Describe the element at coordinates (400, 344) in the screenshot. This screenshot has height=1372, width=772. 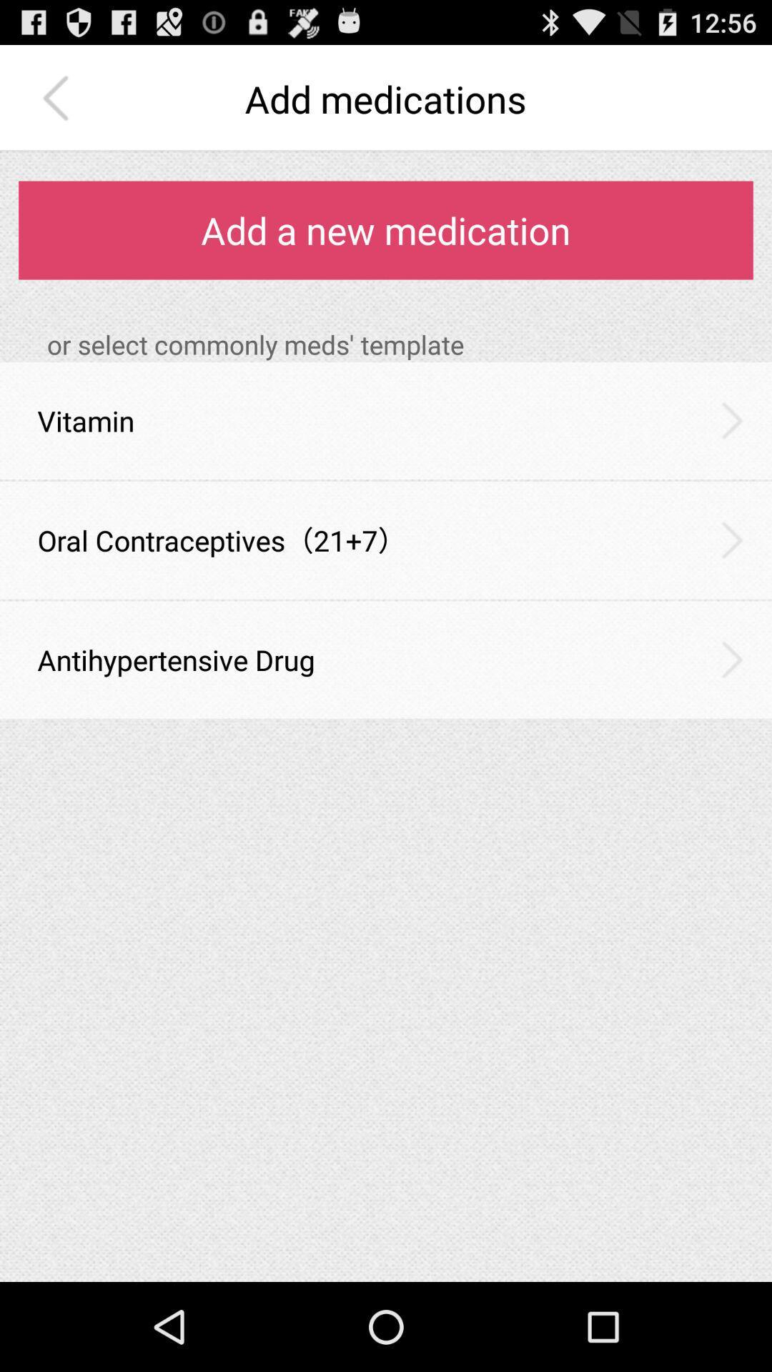
I see `or select commonly app` at that location.